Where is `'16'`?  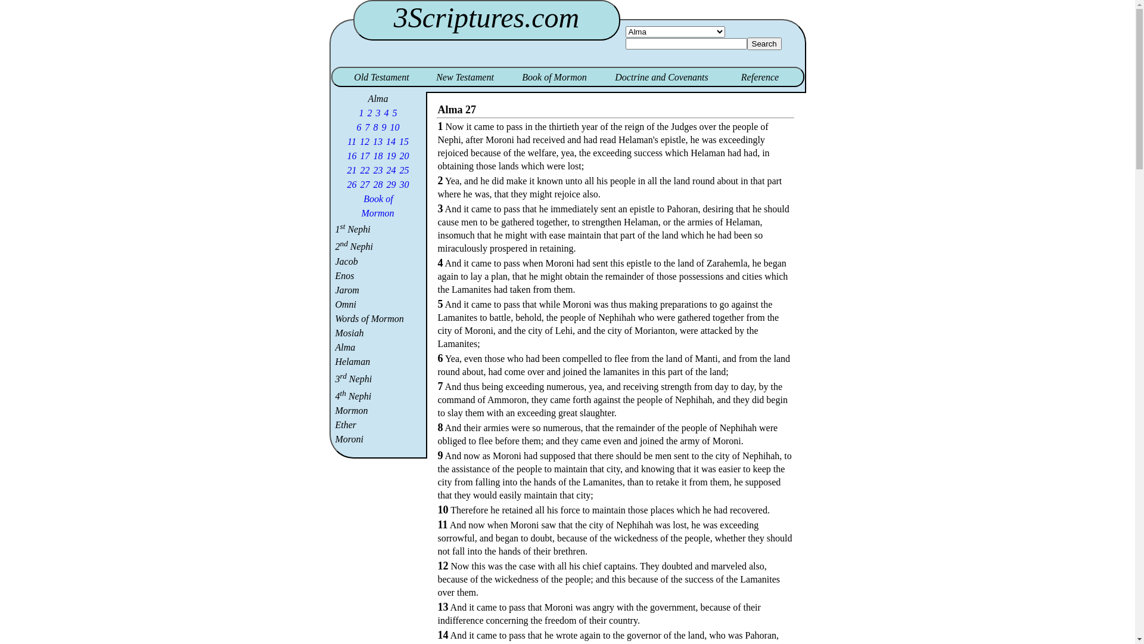 '16' is located at coordinates (346, 155).